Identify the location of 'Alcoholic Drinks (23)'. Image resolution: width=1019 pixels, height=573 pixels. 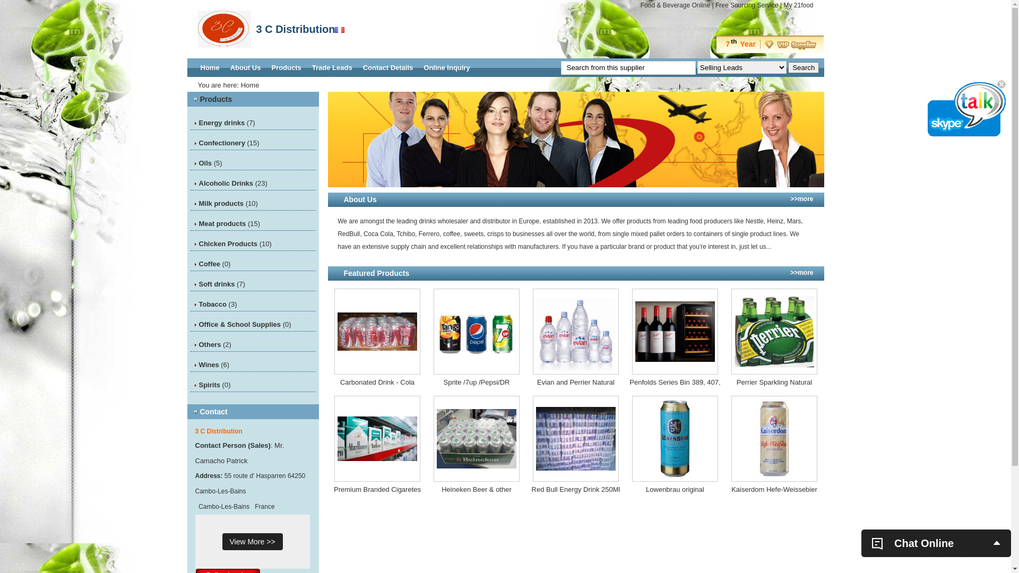
(232, 183).